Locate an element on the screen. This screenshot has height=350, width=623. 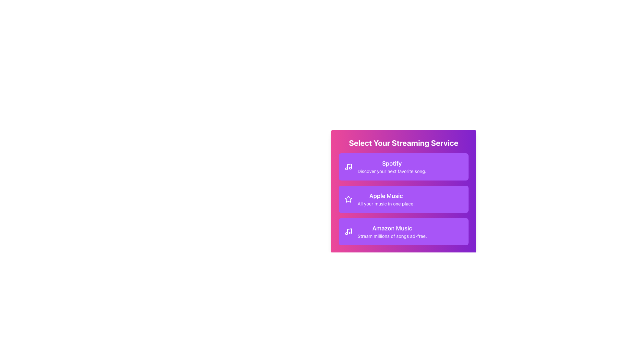
the star icon centered within the 'Apple Music' button located in the second row under 'Select Your Streaming Service.' is located at coordinates (348, 198).